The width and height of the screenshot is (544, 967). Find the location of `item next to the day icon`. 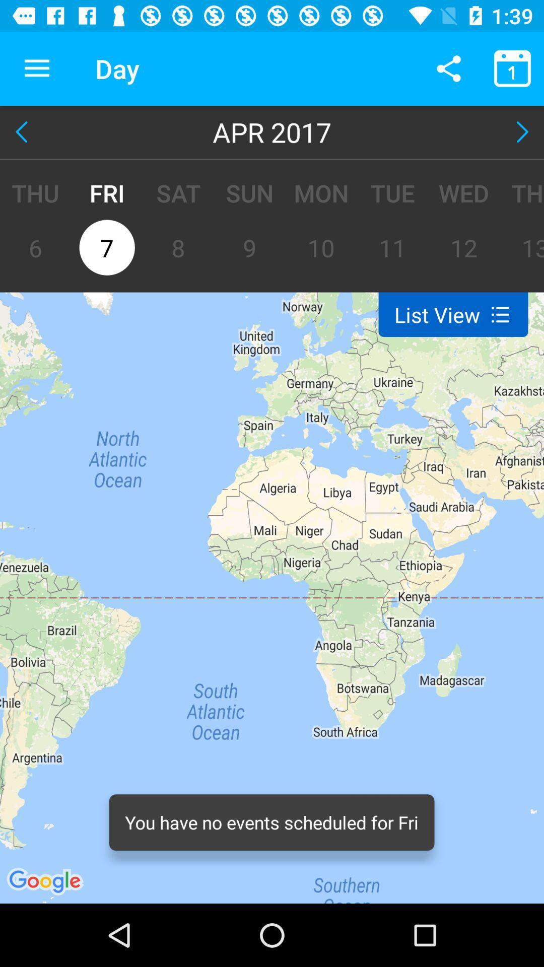

item next to the day icon is located at coordinates (448, 68).